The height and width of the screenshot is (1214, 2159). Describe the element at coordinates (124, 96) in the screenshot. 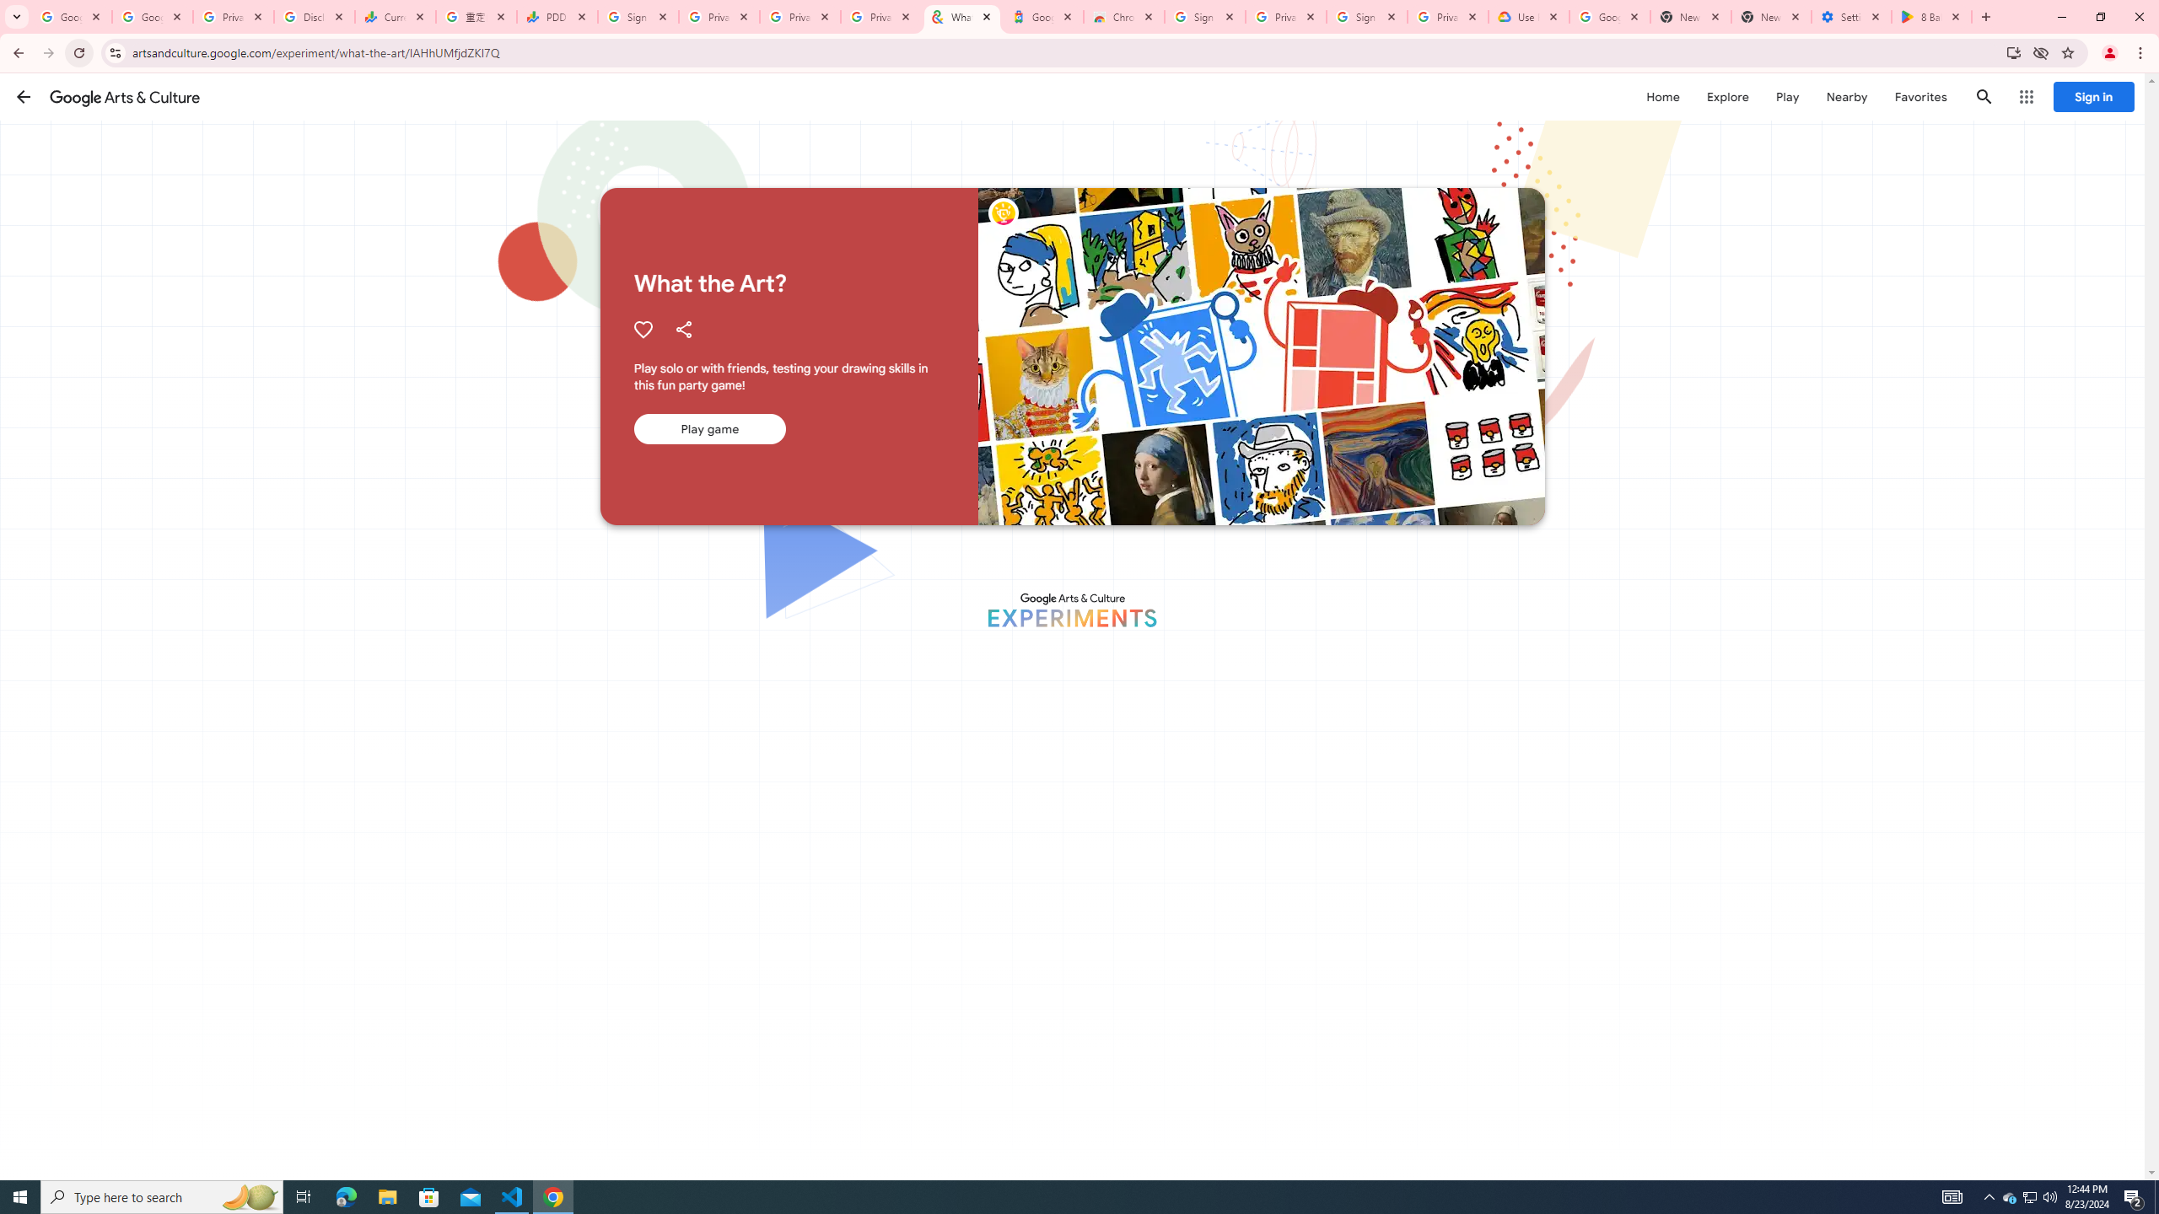

I see `'Google Arts & Culture'` at that location.